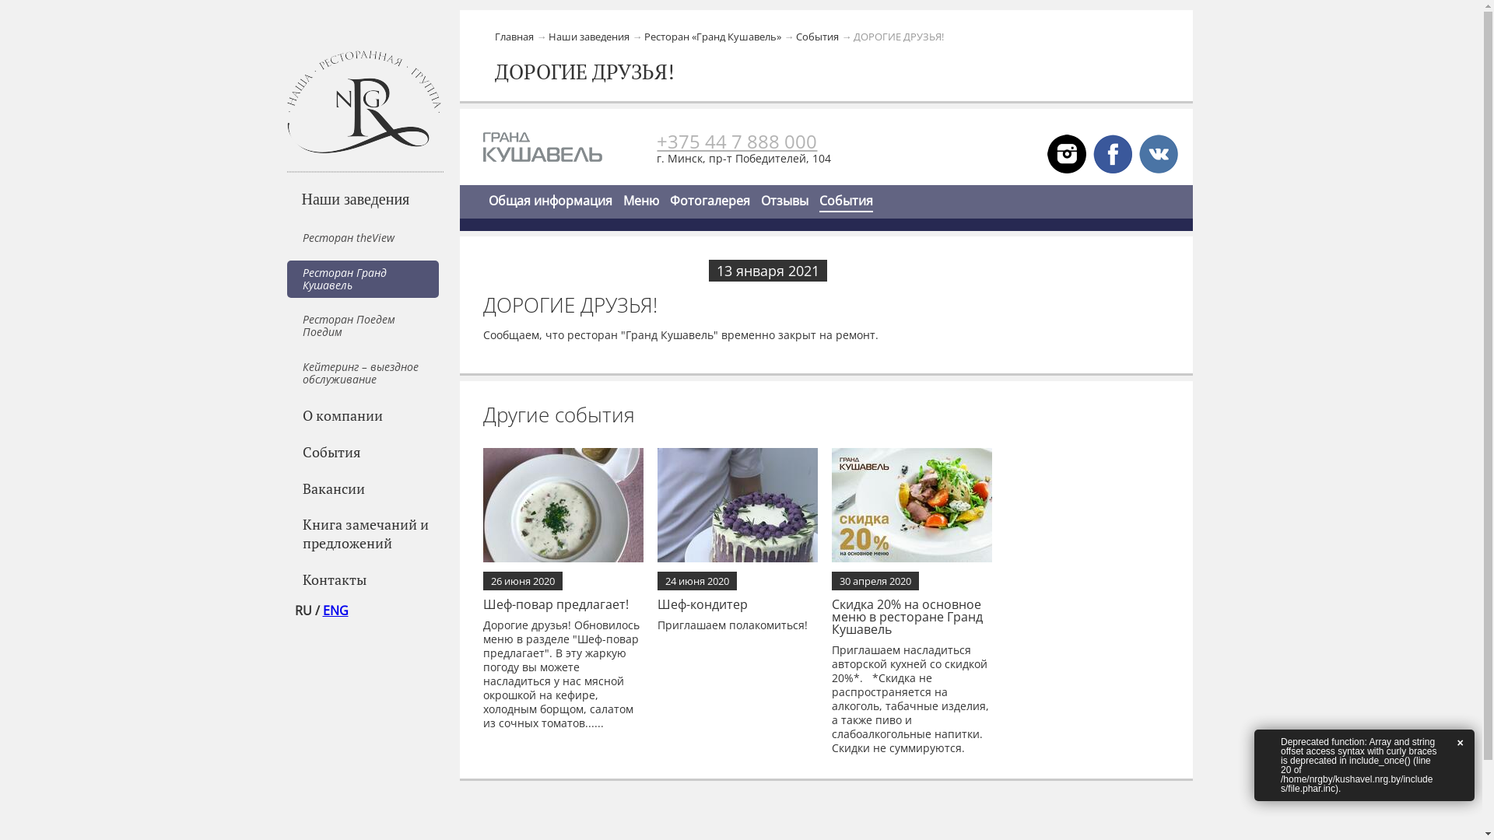 The image size is (1494, 840). I want to click on 'FB', so click(1112, 152).